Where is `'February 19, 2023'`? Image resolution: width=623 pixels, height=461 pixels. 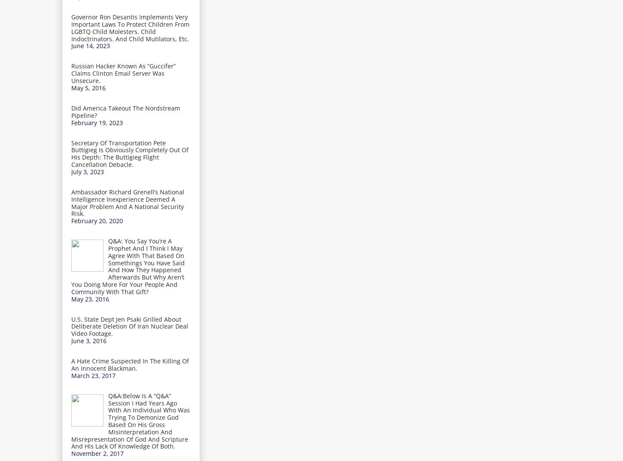 'February 19, 2023' is located at coordinates (97, 122).